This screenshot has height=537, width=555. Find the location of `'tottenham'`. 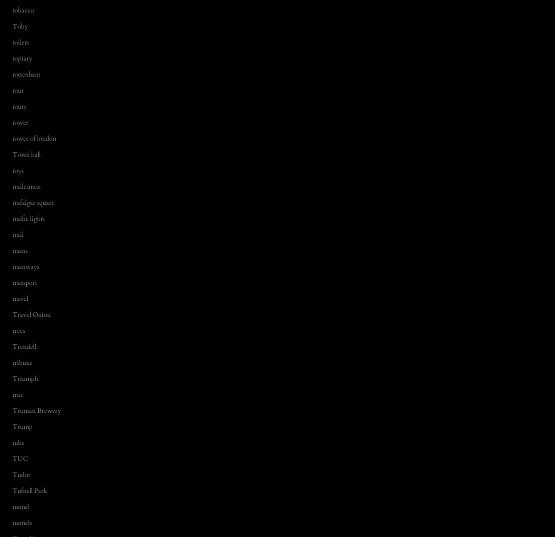

'tottenham' is located at coordinates (26, 73).